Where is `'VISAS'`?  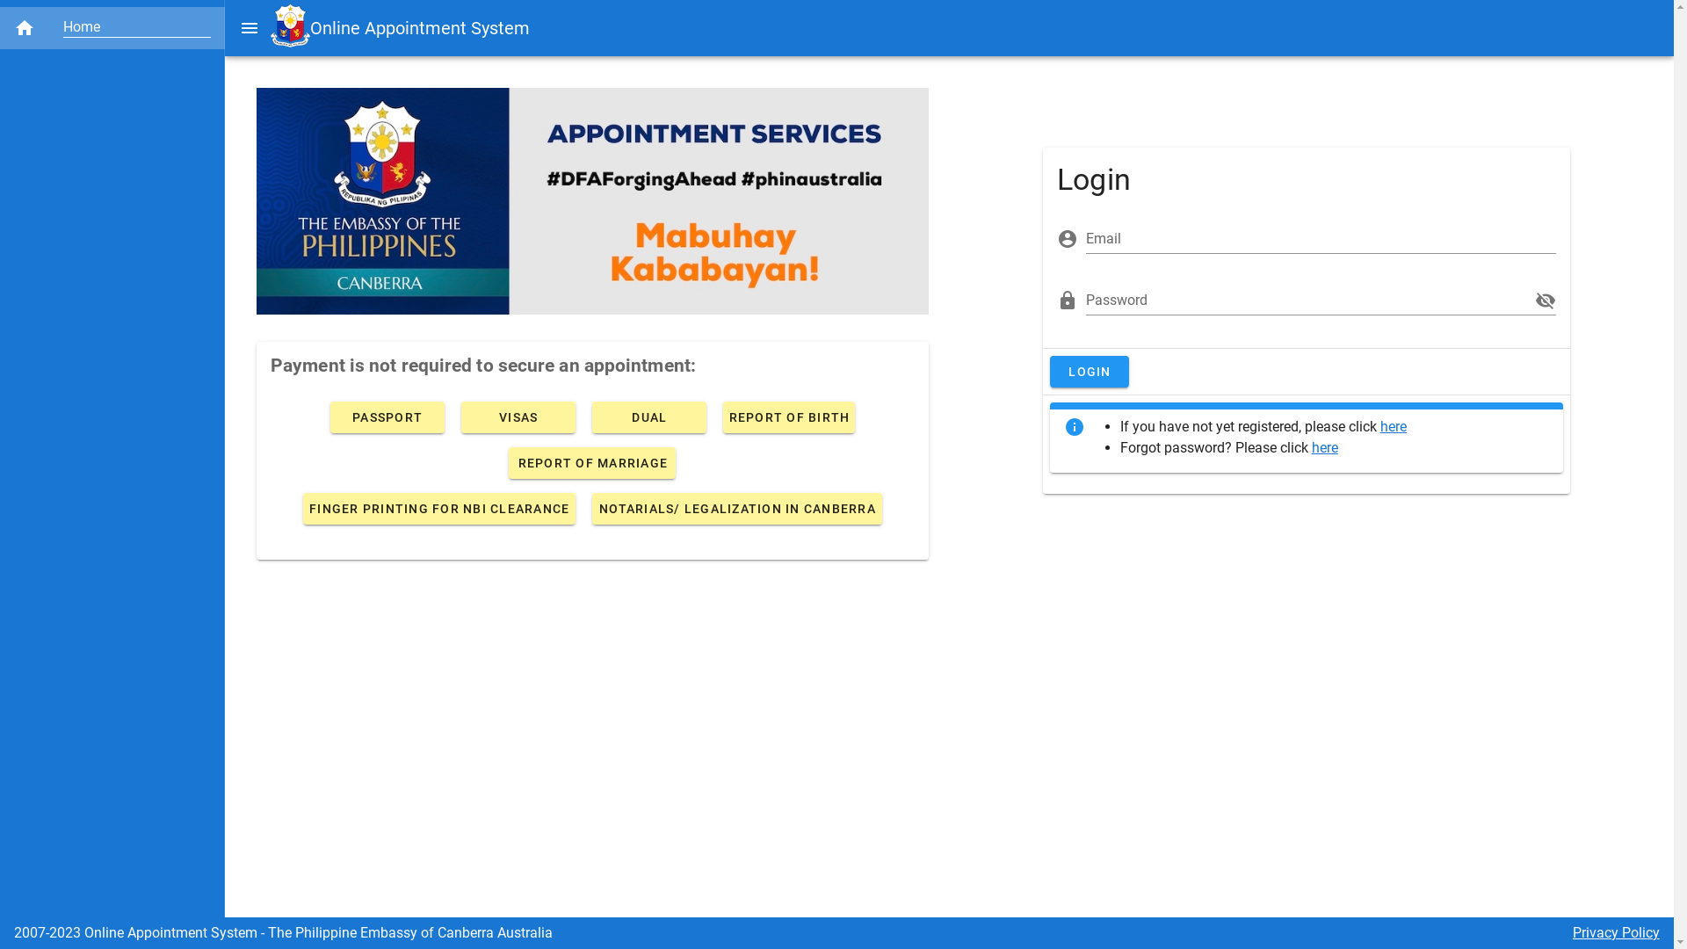 'VISAS' is located at coordinates (518, 417).